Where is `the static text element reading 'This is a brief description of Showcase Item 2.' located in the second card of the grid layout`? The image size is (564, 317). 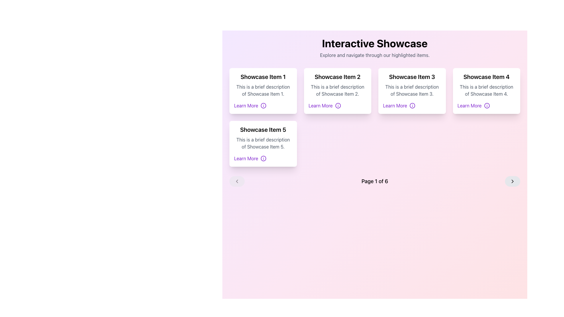
the static text element reading 'This is a brief description of Showcase Item 2.' located in the second card of the grid layout is located at coordinates (338, 90).